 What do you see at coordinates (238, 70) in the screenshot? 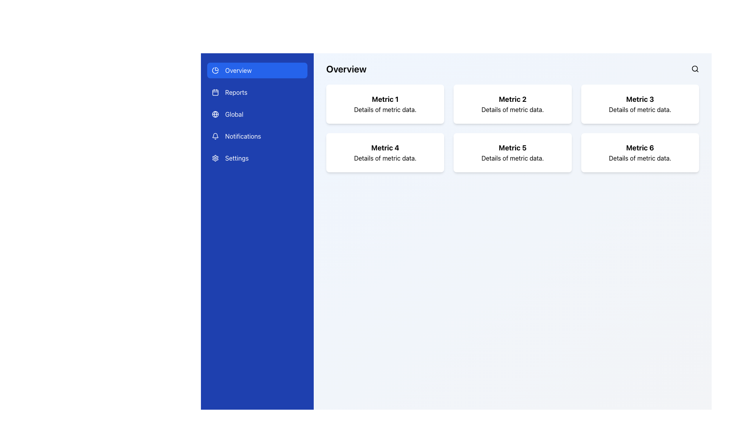
I see `the 'Overview' navigation menu item located at the top of the vertical menu on the left side of the interface` at bounding box center [238, 70].